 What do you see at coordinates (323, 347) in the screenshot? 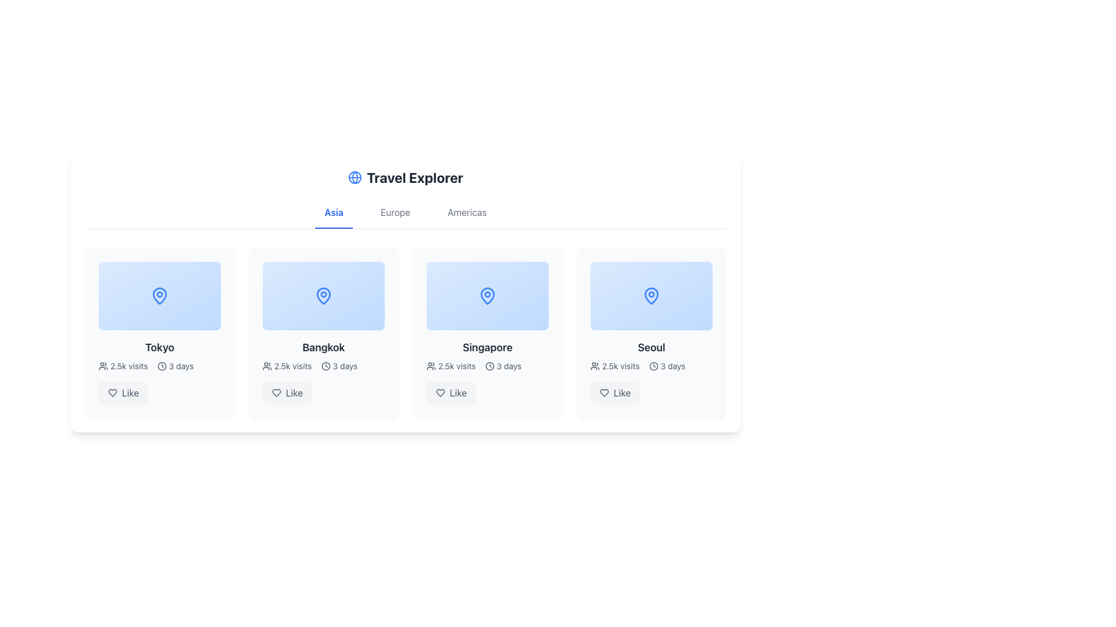
I see `the text label identifying the travel destination 'Bangkok', which is located in the grid layout under a blue rectangular image with a pin icon` at bounding box center [323, 347].